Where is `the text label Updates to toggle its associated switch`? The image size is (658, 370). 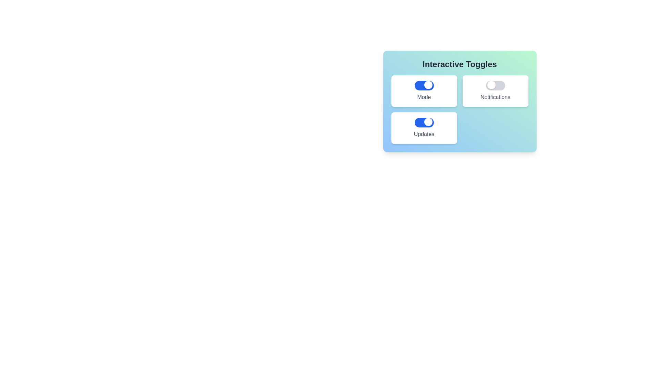
the text label Updates to toggle its associated switch is located at coordinates (424, 134).